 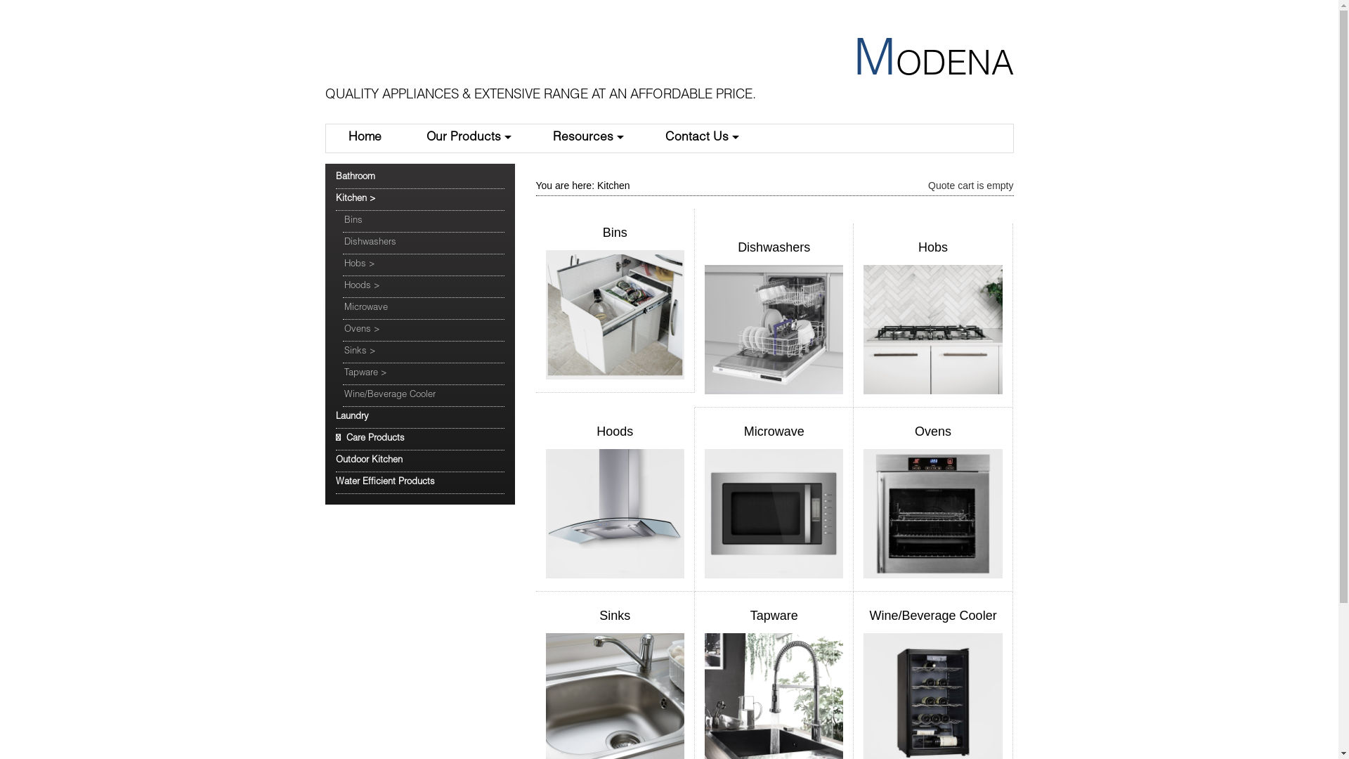 What do you see at coordinates (750, 614) in the screenshot?
I see `'Tapware'` at bounding box center [750, 614].